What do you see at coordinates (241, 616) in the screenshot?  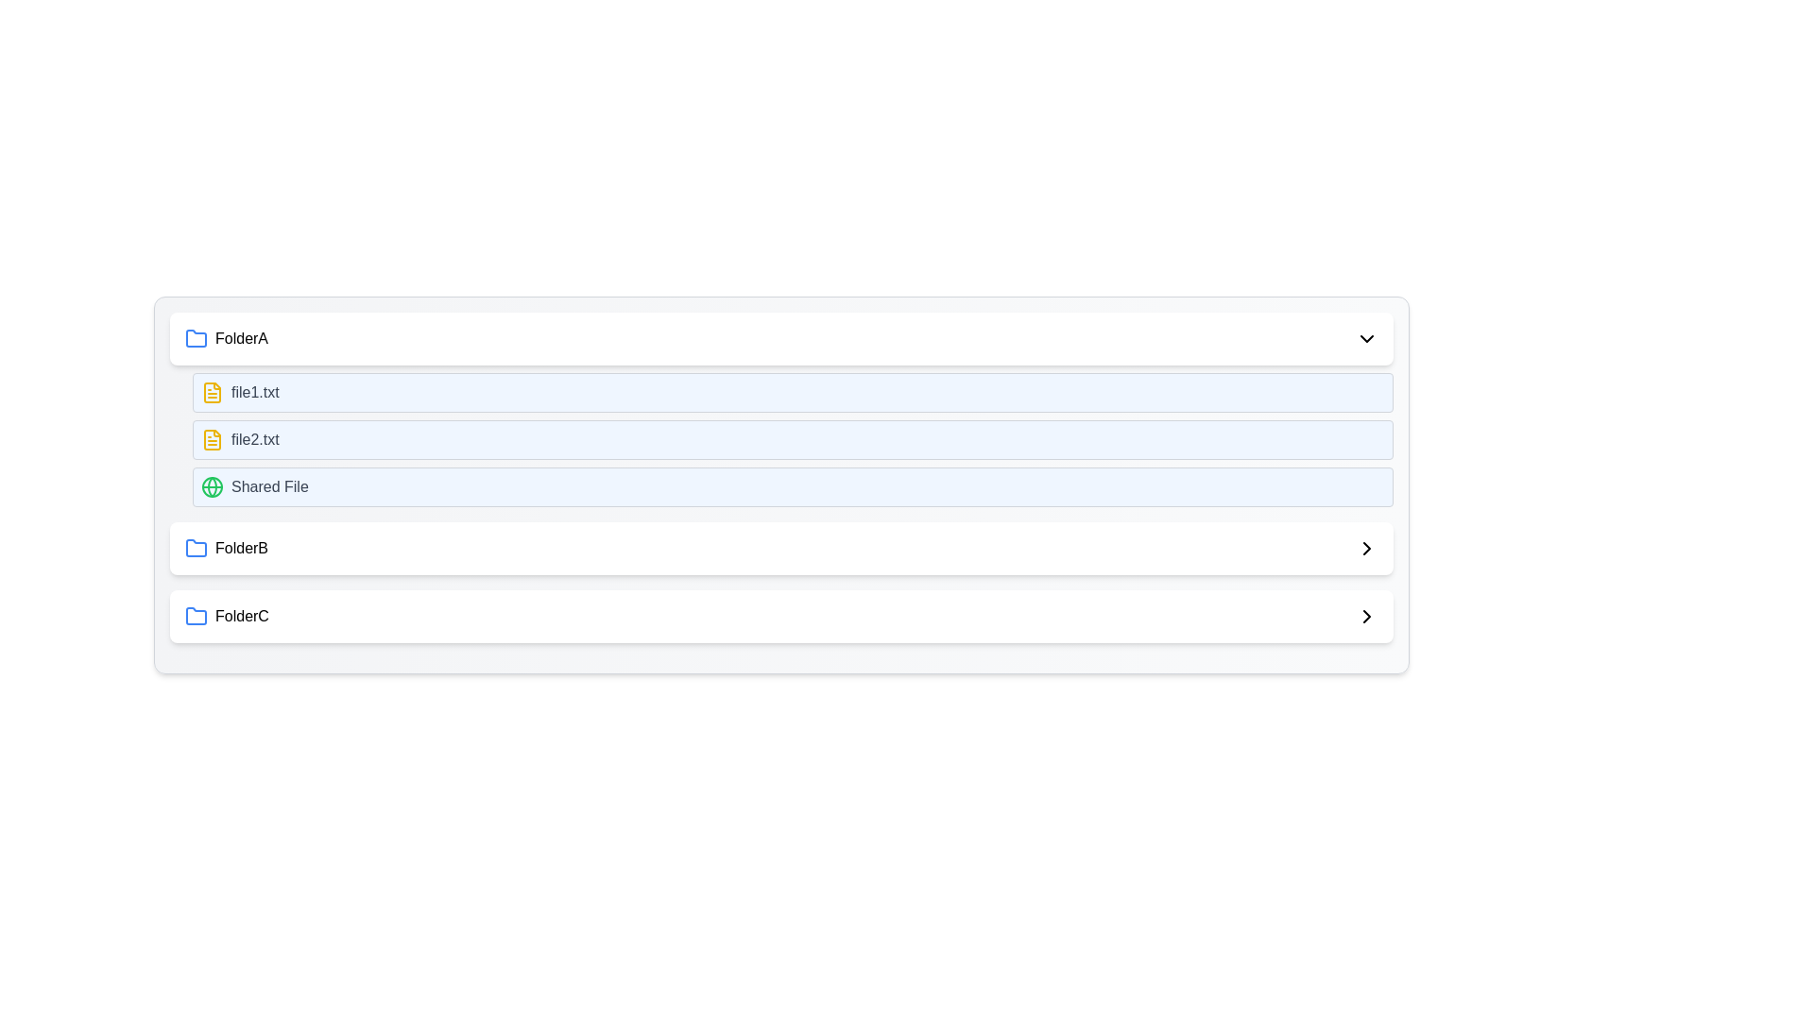 I see `the text label representing the folder named 'FolderC', which is positioned in the bottom row of a vertical list of folder entries, aligned to the left with a blue-colored folder icon on its left` at bounding box center [241, 616].